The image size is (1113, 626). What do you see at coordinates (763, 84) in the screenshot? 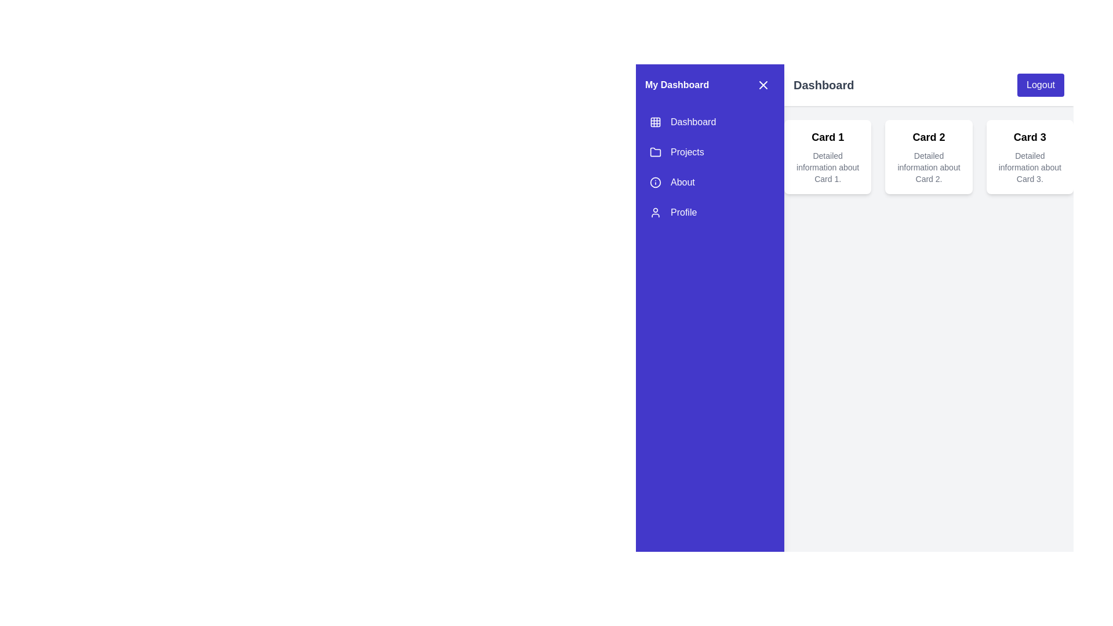
I see `the close icon located at the top-right corner of the sidebar, adjacent to the title text 'My Dashboard'` at bounding box center [763, 84].